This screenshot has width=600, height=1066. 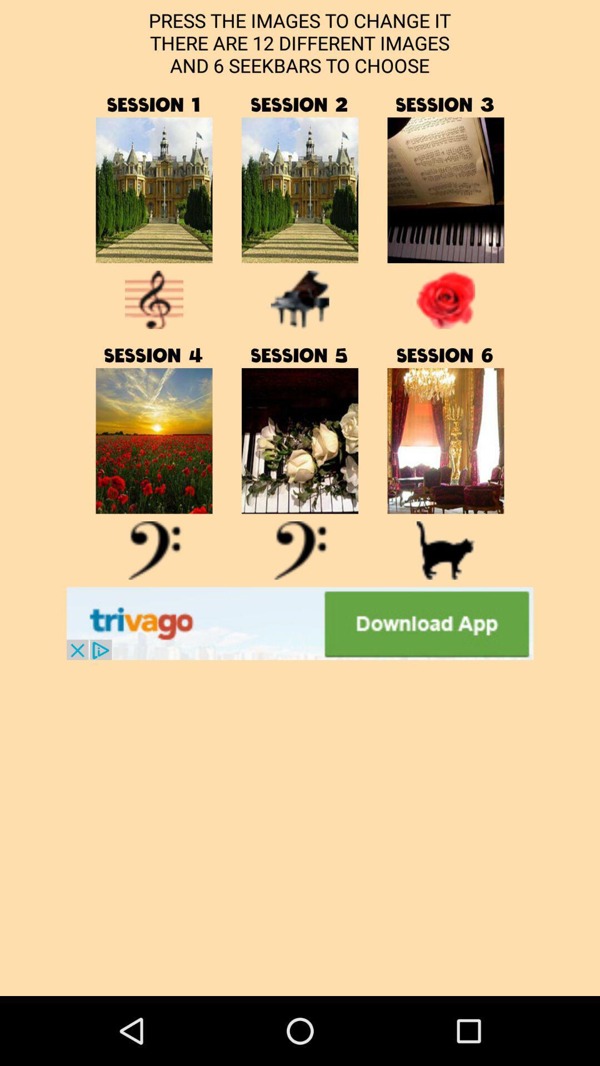 I want to click on change session 1 image, so click(x=154, y=190).